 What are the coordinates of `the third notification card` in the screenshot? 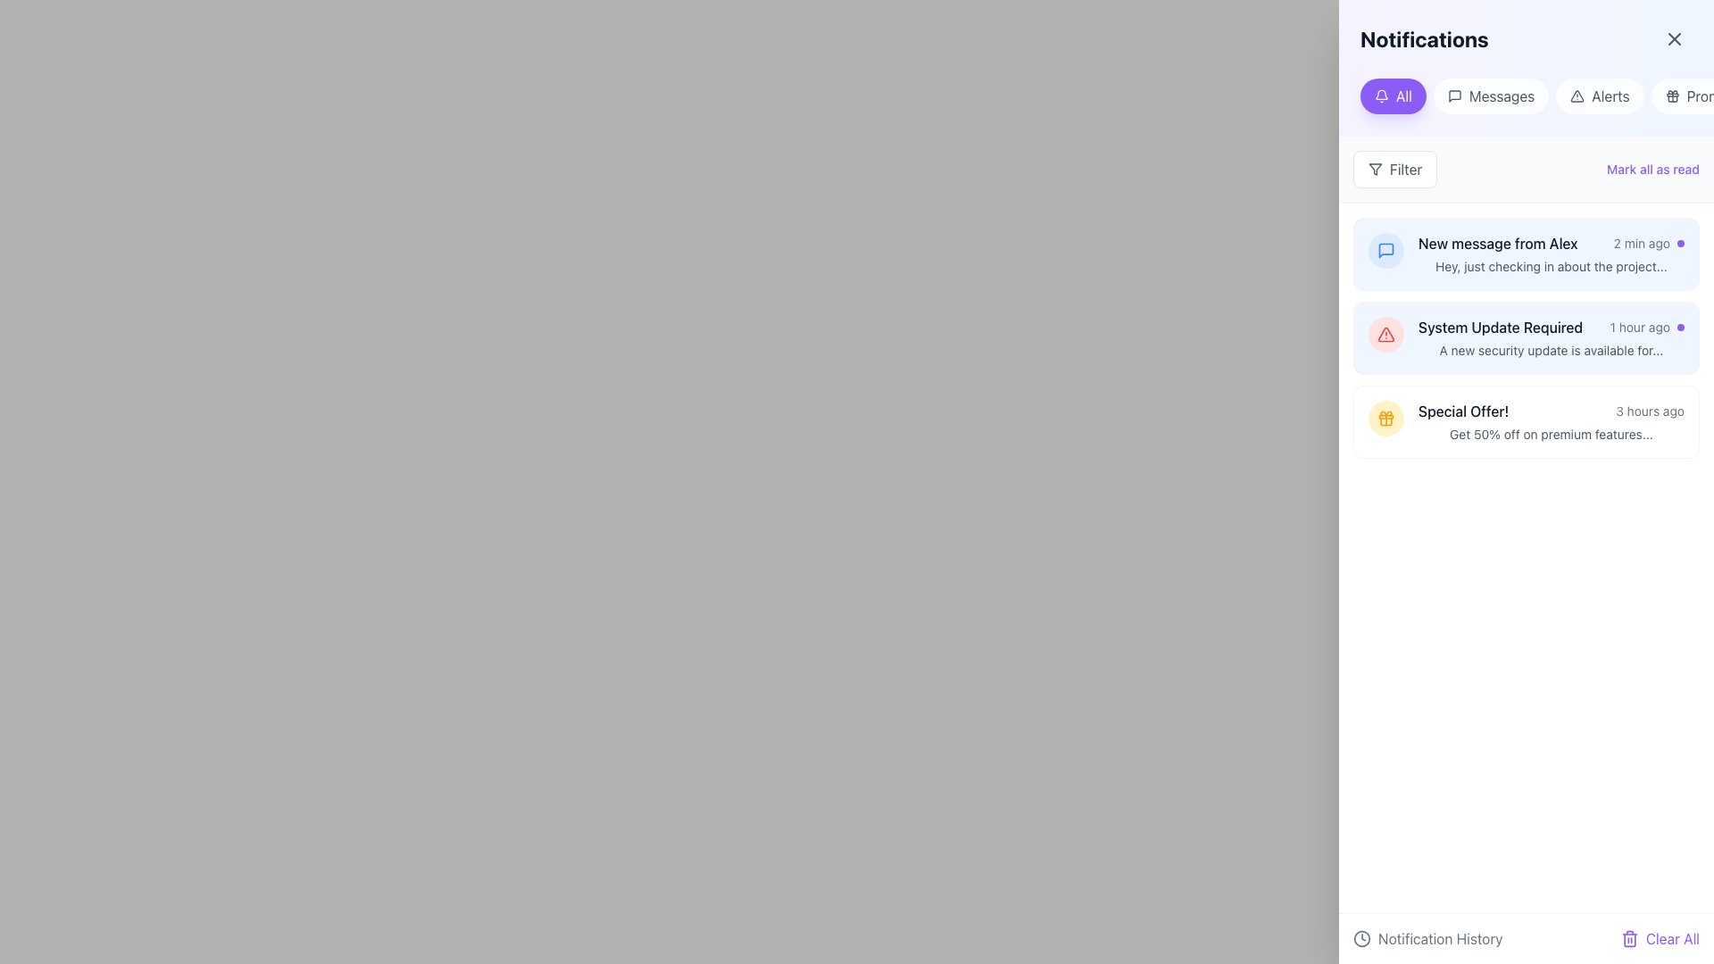 It's located at (1525, 422).